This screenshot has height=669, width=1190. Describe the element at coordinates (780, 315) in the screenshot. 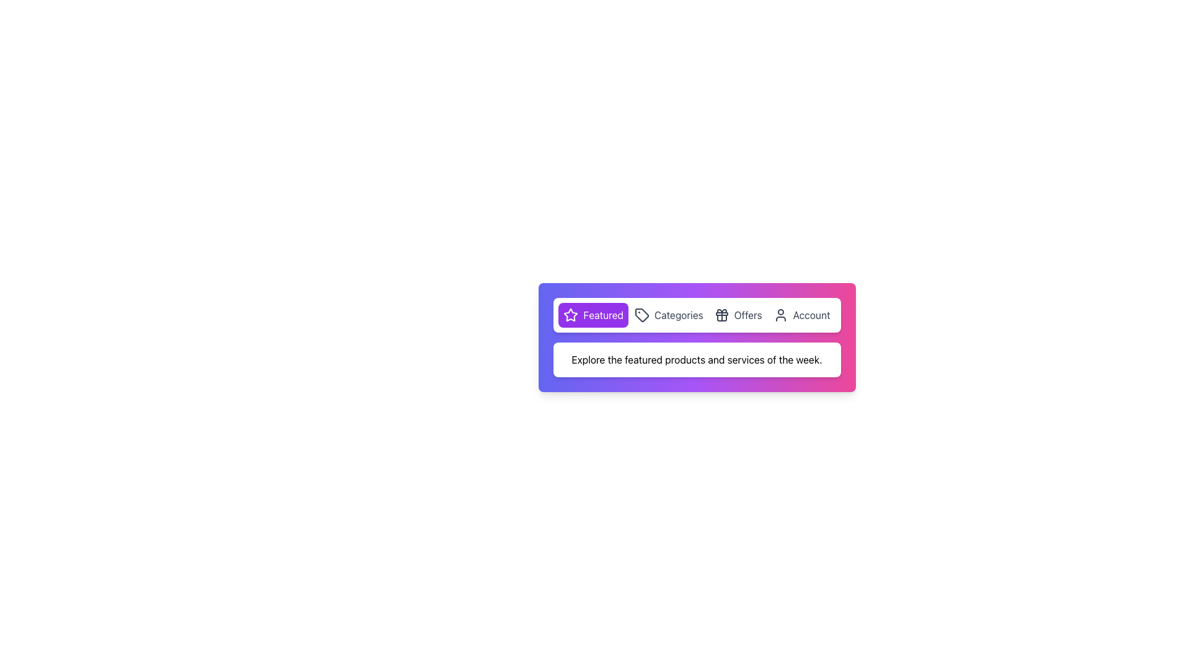

I see `the user/account icon located within the 'Account' button, which is the last button in a horizontal row and appears to the immediate left of the text 'Account'` at that location.